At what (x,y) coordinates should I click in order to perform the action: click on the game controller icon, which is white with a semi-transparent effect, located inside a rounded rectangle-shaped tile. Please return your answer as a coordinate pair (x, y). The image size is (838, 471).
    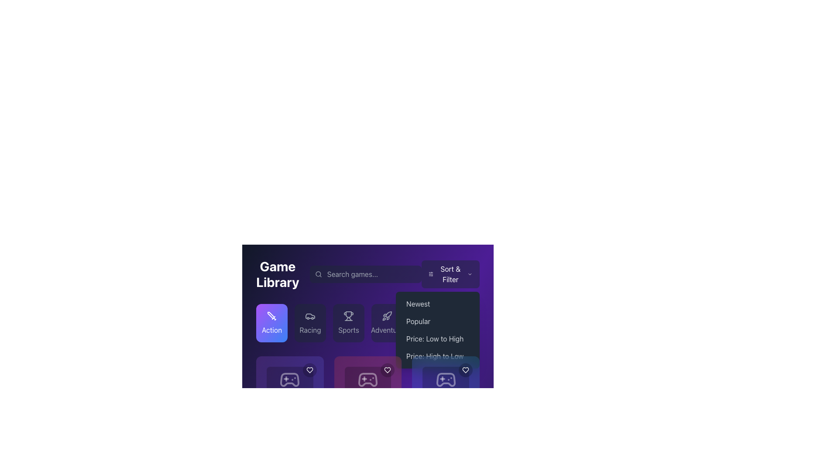
    Looking at the image, I should click on (368, 379).